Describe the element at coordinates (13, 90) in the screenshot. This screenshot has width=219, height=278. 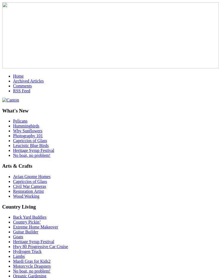
I see `'RSS Feed'` at that location.